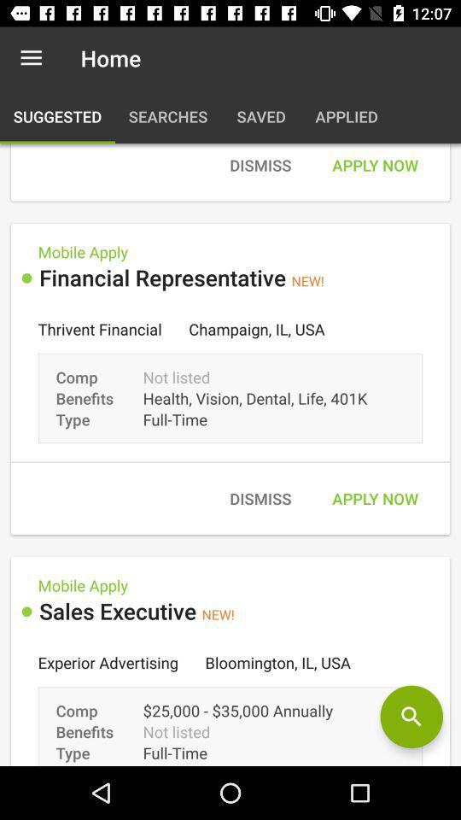  Describe the element at coordinates (411, 717) in the screenshot. I see `icon at the bottom right corner` at that location.